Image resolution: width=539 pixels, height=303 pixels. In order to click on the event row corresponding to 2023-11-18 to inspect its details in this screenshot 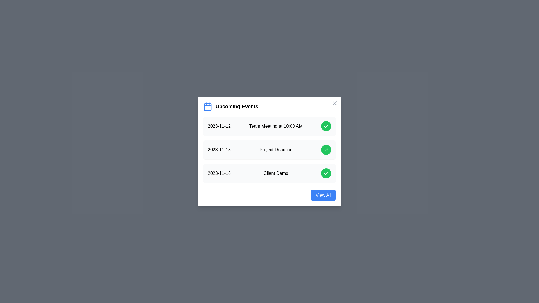, I will do `click(269, 173)`.